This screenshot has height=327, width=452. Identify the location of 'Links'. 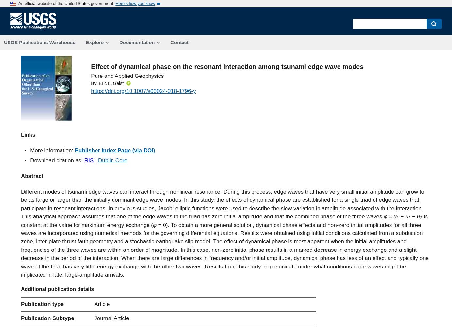
(20, 135).